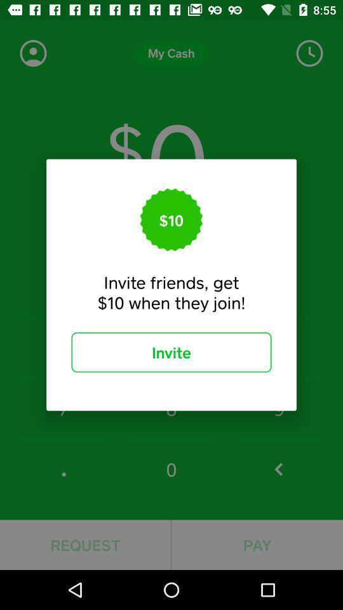  Describe the element at coordinates (309, 53) in the screenshot. I see `the time icon` at that location.